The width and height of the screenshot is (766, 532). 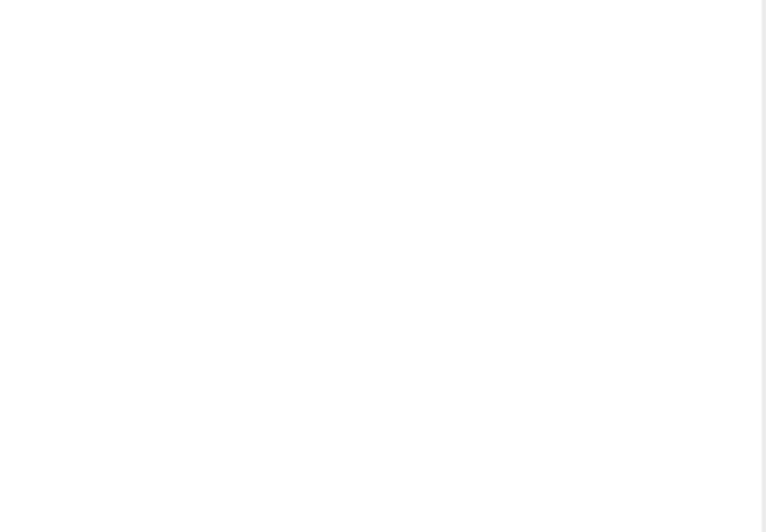 I want to click on 'Writing Stories of Strong Women Enjoying Sex and Life', so click(x=106, y=73).